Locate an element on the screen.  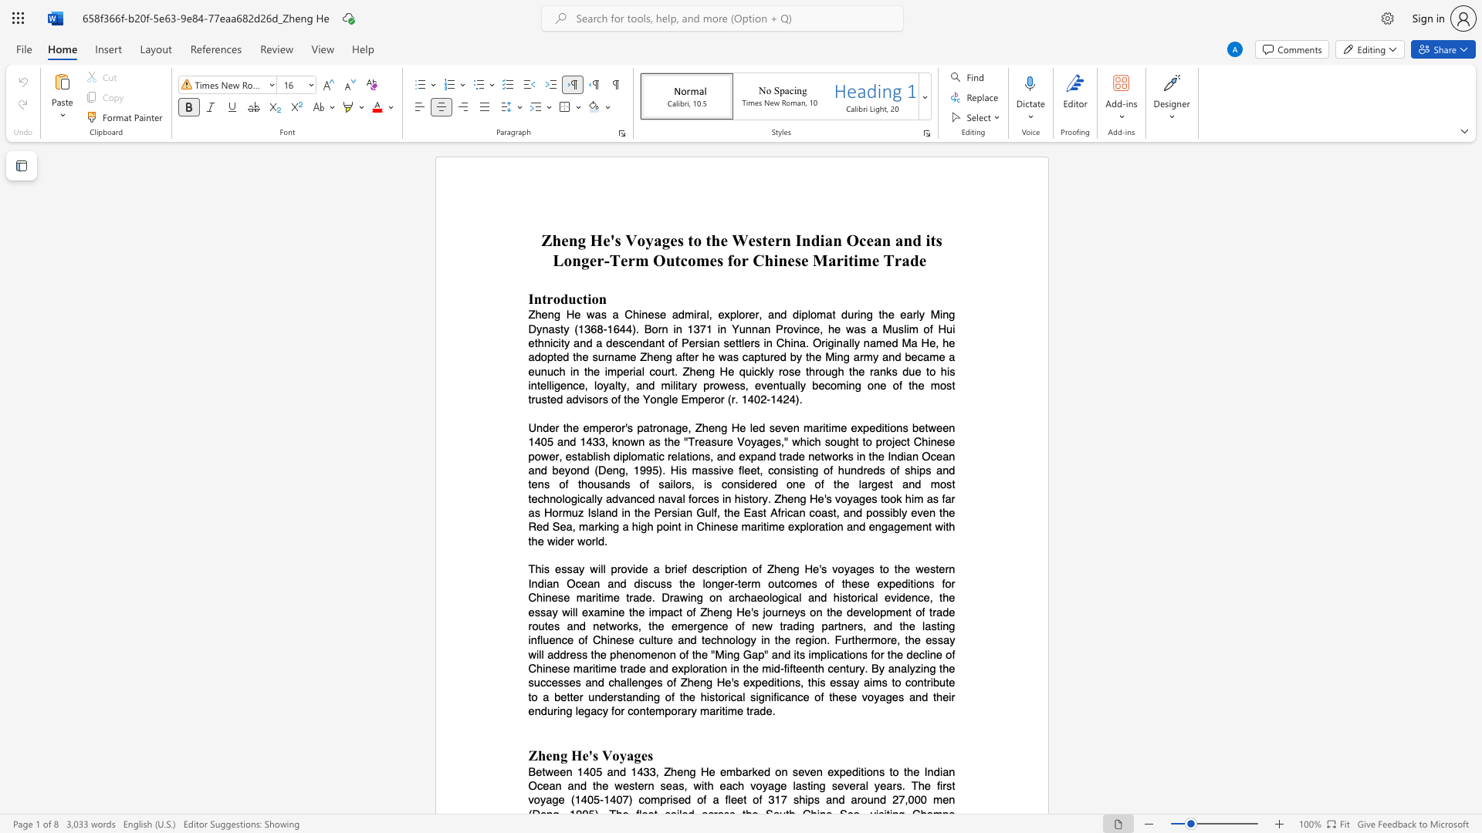
the subset text "n seven exped" within the text "Between 1405 and 1433, Zheng He embarked on seven expeditions to the Indian Ocean and the western seas, with each voyage lasting several years. The first voyage (1405-1407)" is located at coordinates (781, 771).